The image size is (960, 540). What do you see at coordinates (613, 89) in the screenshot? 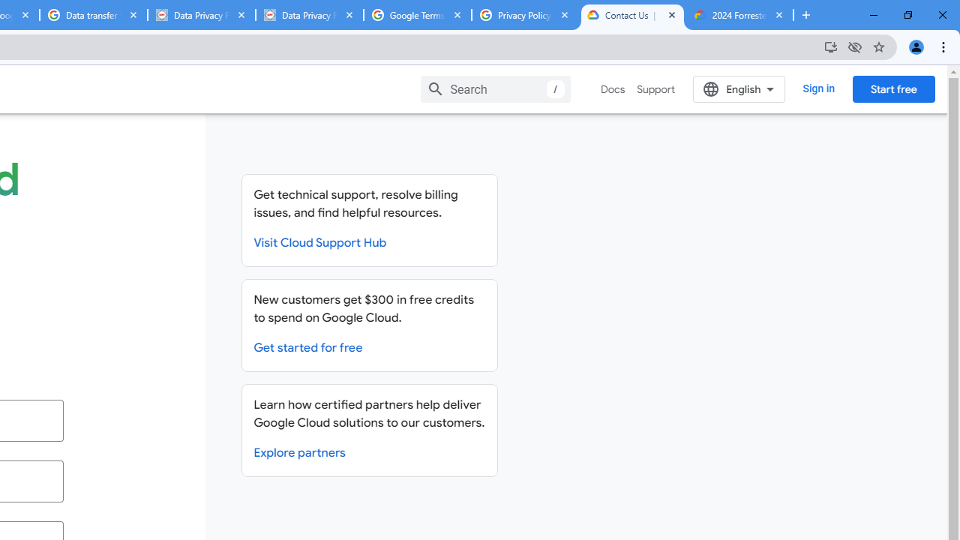
I see `'Docs'` at bounding box center [613, 89].